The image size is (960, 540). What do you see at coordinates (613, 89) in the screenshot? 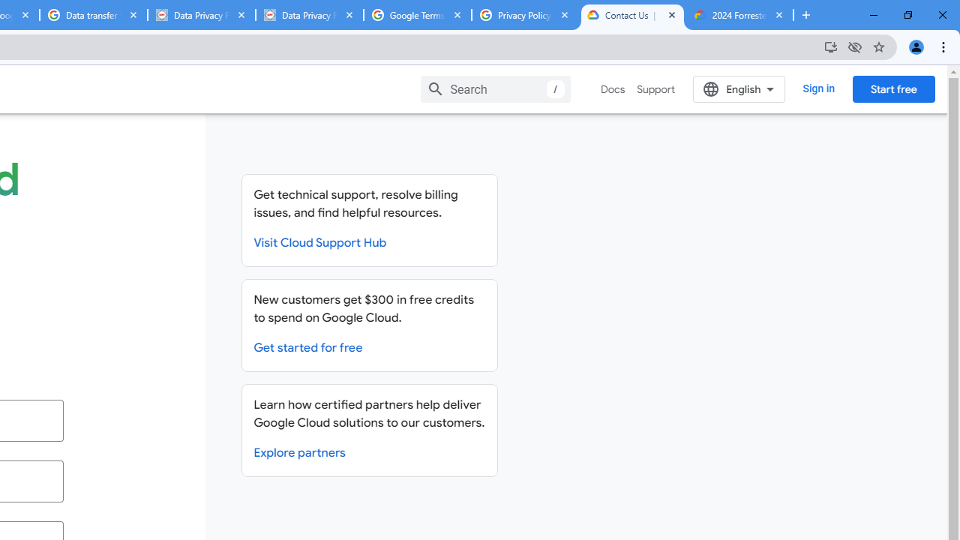
I see `'Docs'` at bounding box center [613, 89].